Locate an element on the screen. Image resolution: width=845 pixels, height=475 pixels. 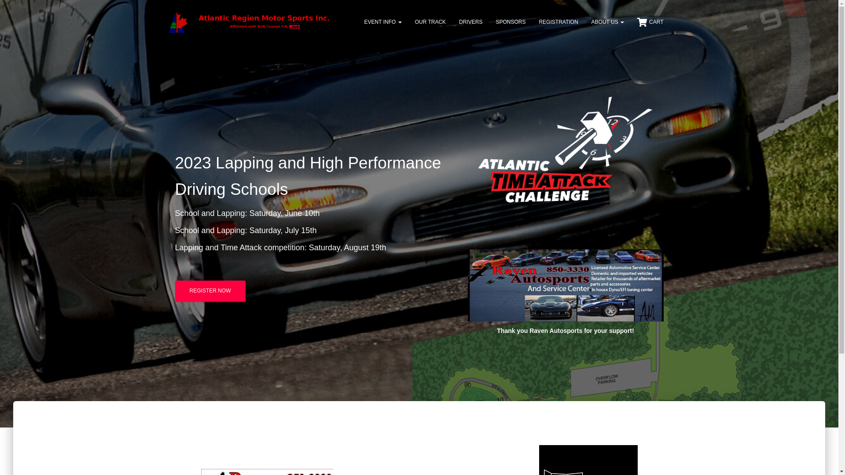
'SPONSORS' is located at coordinates (511, 22).